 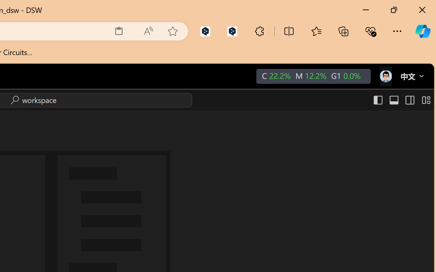 What do you see at coordinates (409, 100) in the screenshot?
I see `'Toggle Secondary Side Bar (Ctrl+Alt+B)'` at bounding box center [409, 100].